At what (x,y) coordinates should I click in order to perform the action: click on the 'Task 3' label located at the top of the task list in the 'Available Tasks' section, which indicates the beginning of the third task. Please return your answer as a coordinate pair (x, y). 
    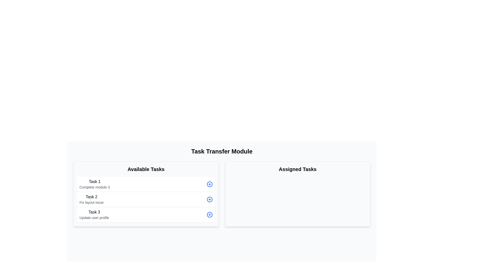
    Looking at the image, I should click on (94, 212).